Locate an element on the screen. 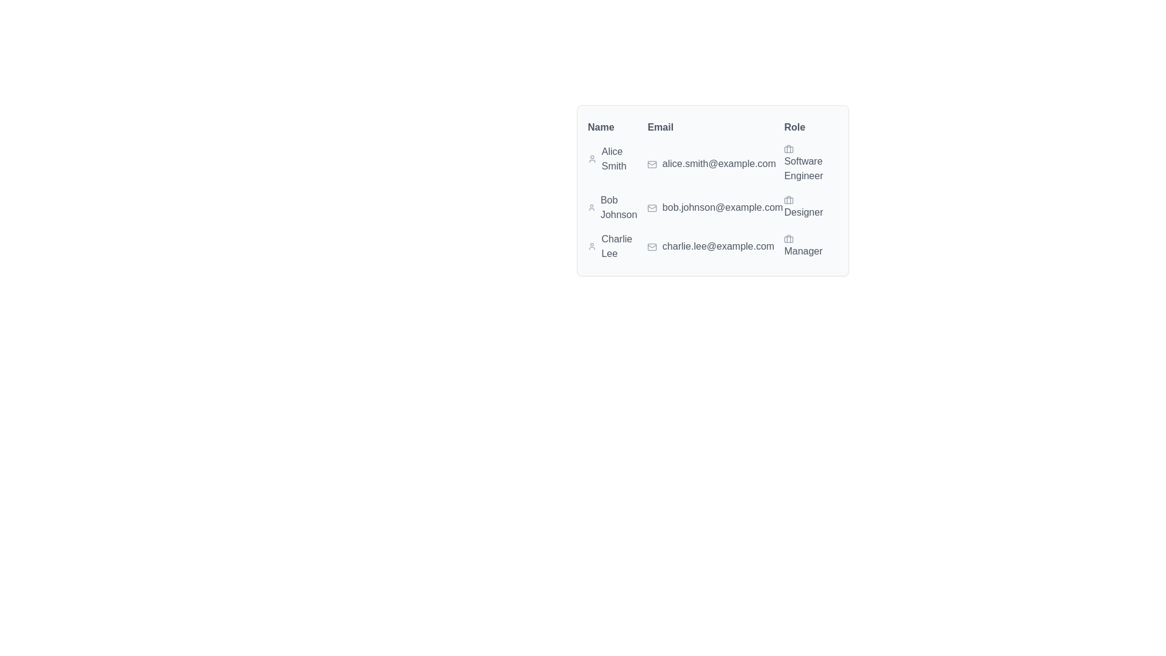 The height and width of the screenshot is (656, 1166). the second row of the contact list to edit the individual's contact and role information, which includes details for Alice Smith and Charlie Lee is located at coordinates (713, 207).